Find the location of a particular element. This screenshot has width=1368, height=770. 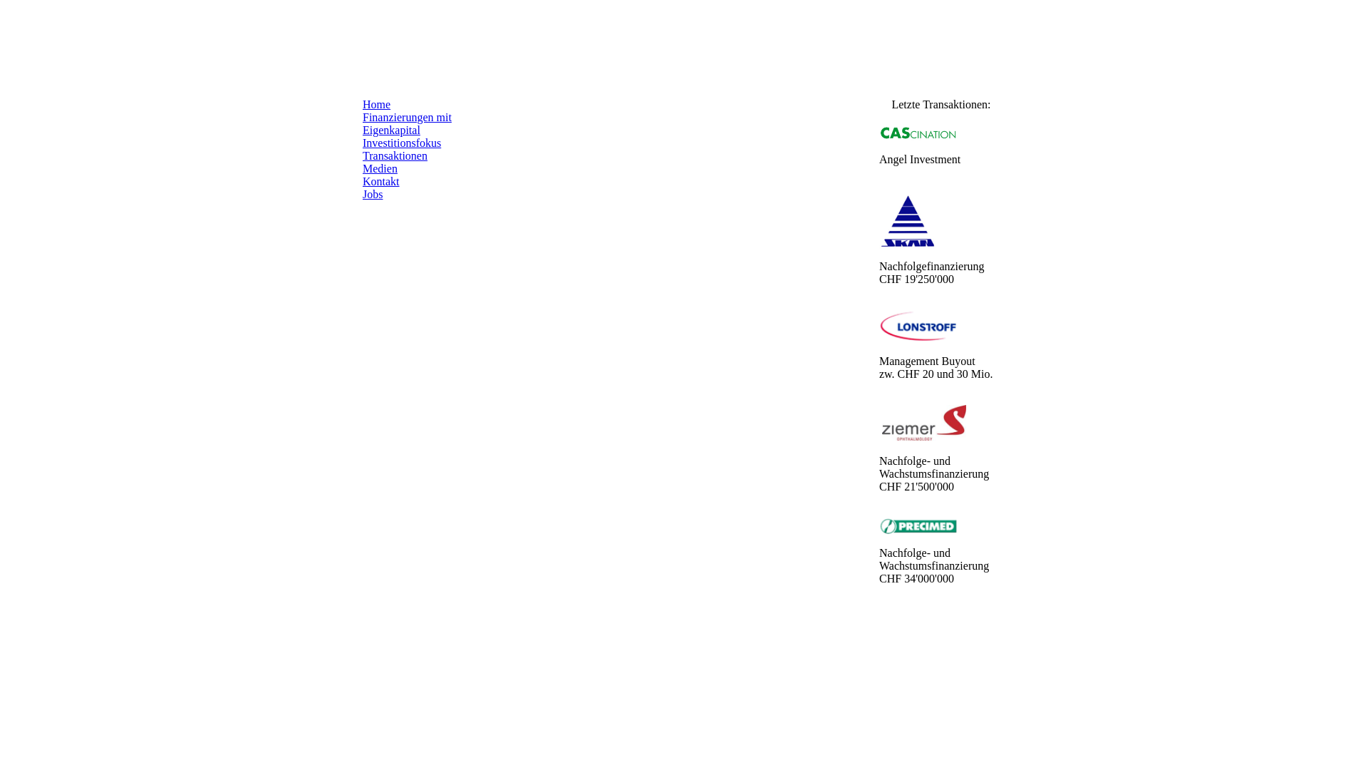

'Ziemer Group AG, Port' is located at coordinates (923, 422).